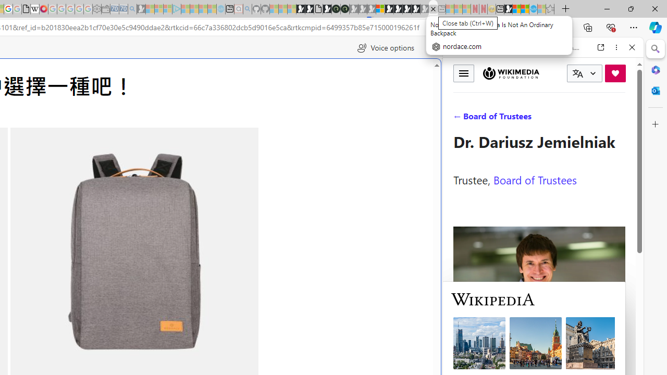 The height and width of the screenshot is (375, 667). I want to click on 'Class: i icon icon-translate language-switcher__icon', so click(577, 73).